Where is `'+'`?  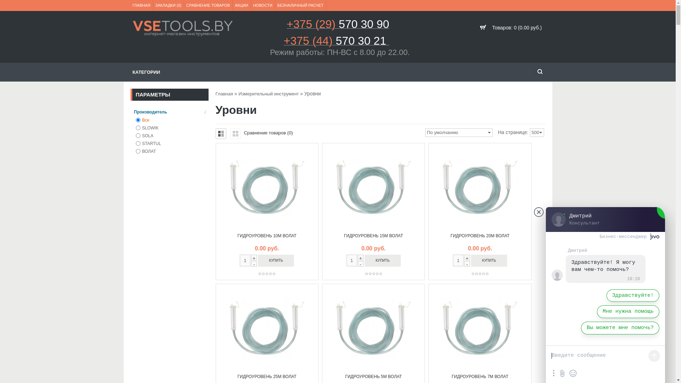
'+' is located at coordinates (467, 257).